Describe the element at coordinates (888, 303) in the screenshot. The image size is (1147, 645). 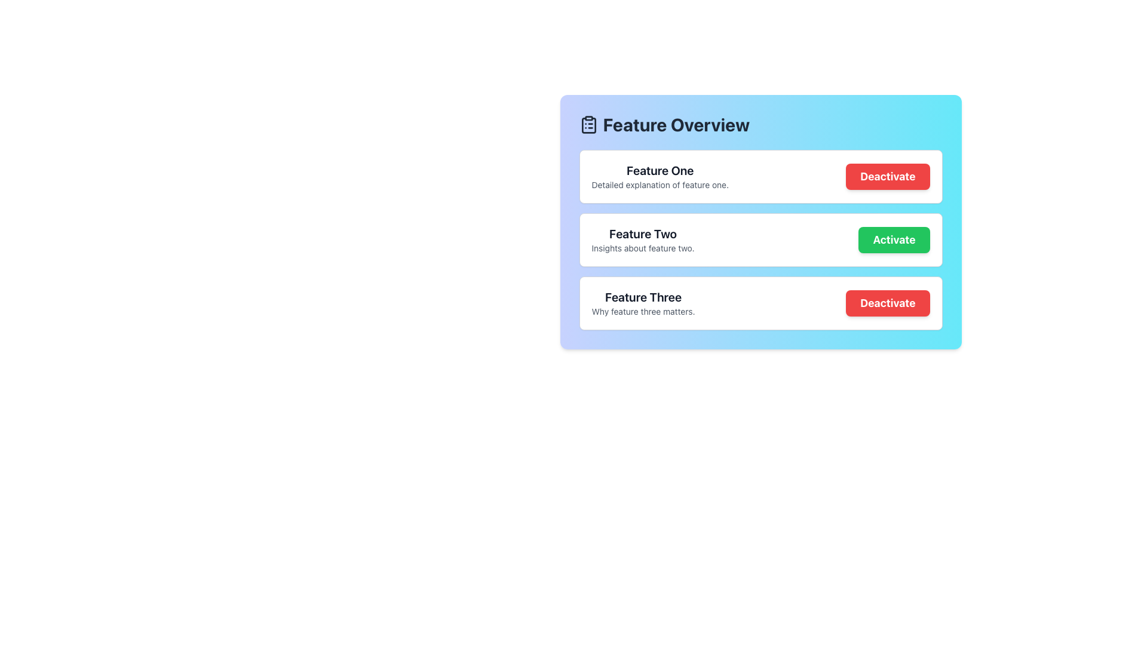
I see `the button in the 'Feature Three' card` at that location.